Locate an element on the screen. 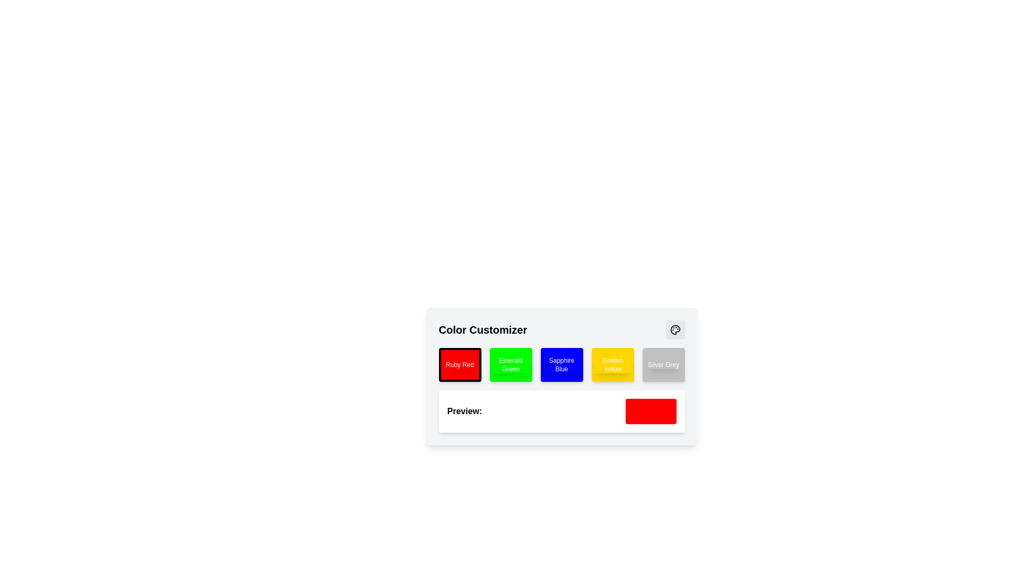 This screenshot has width=1018, height=572. the 'Golden Yellow' button, which is a rectangular button with rounded corners and a bright golden yellow background, featuring the text 'Golden Yellow' in a white, bold font is located at coordinates (612, 364).